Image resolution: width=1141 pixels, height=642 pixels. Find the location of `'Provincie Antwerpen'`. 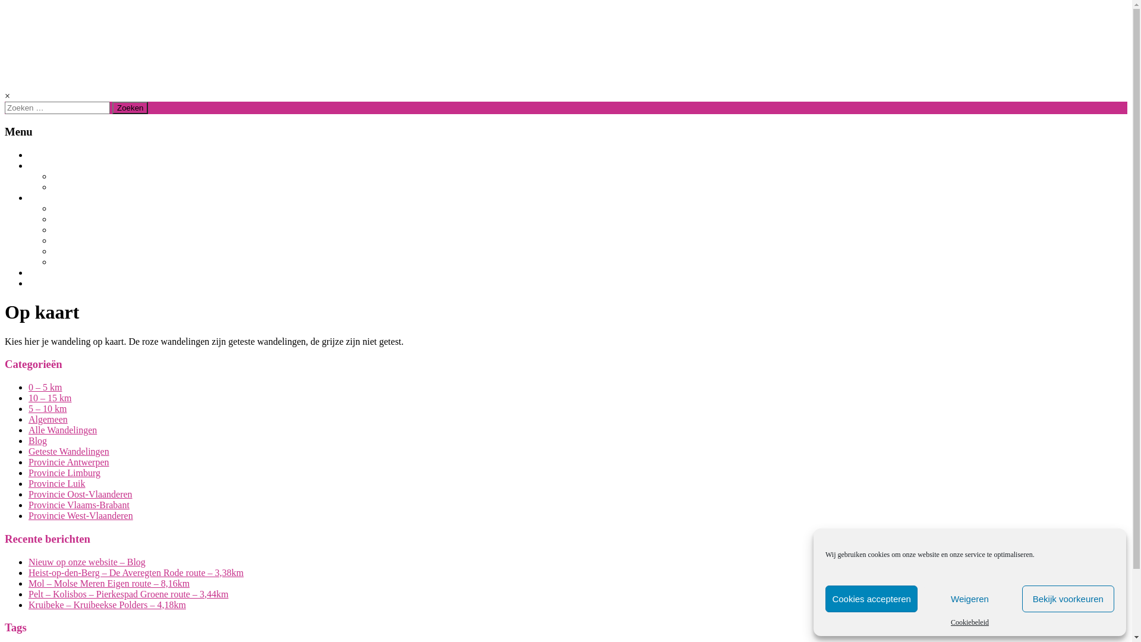

'Provincie Antwerpen' is located at coordinates (68, 461).